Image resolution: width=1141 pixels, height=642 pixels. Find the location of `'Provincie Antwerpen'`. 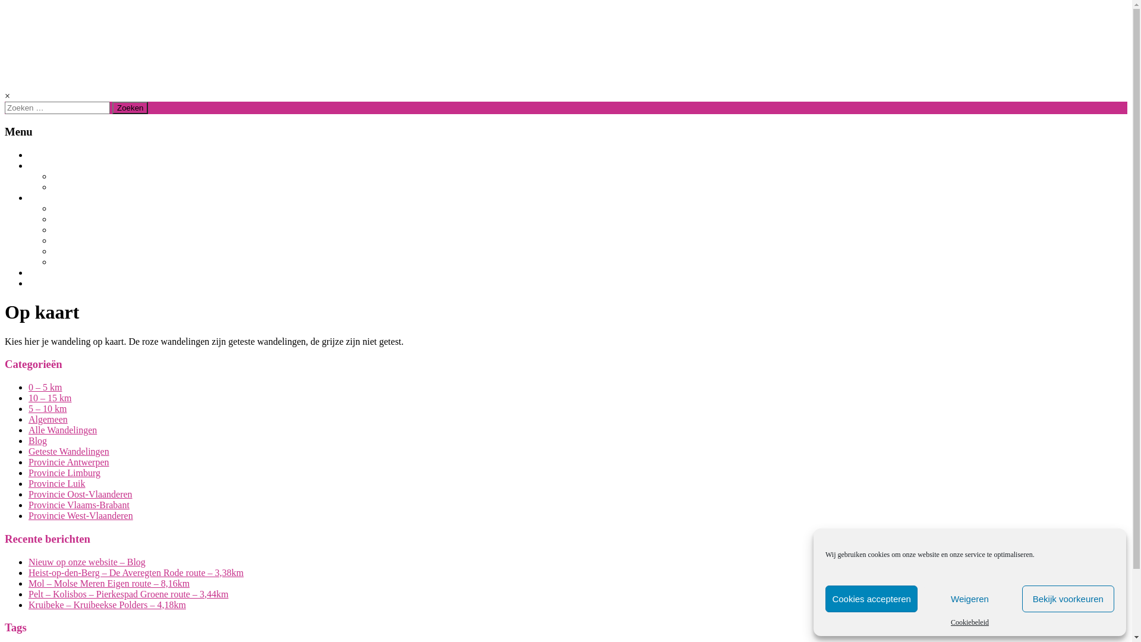

'Provincie Antwerpen' is located at coordinates (68, 461).